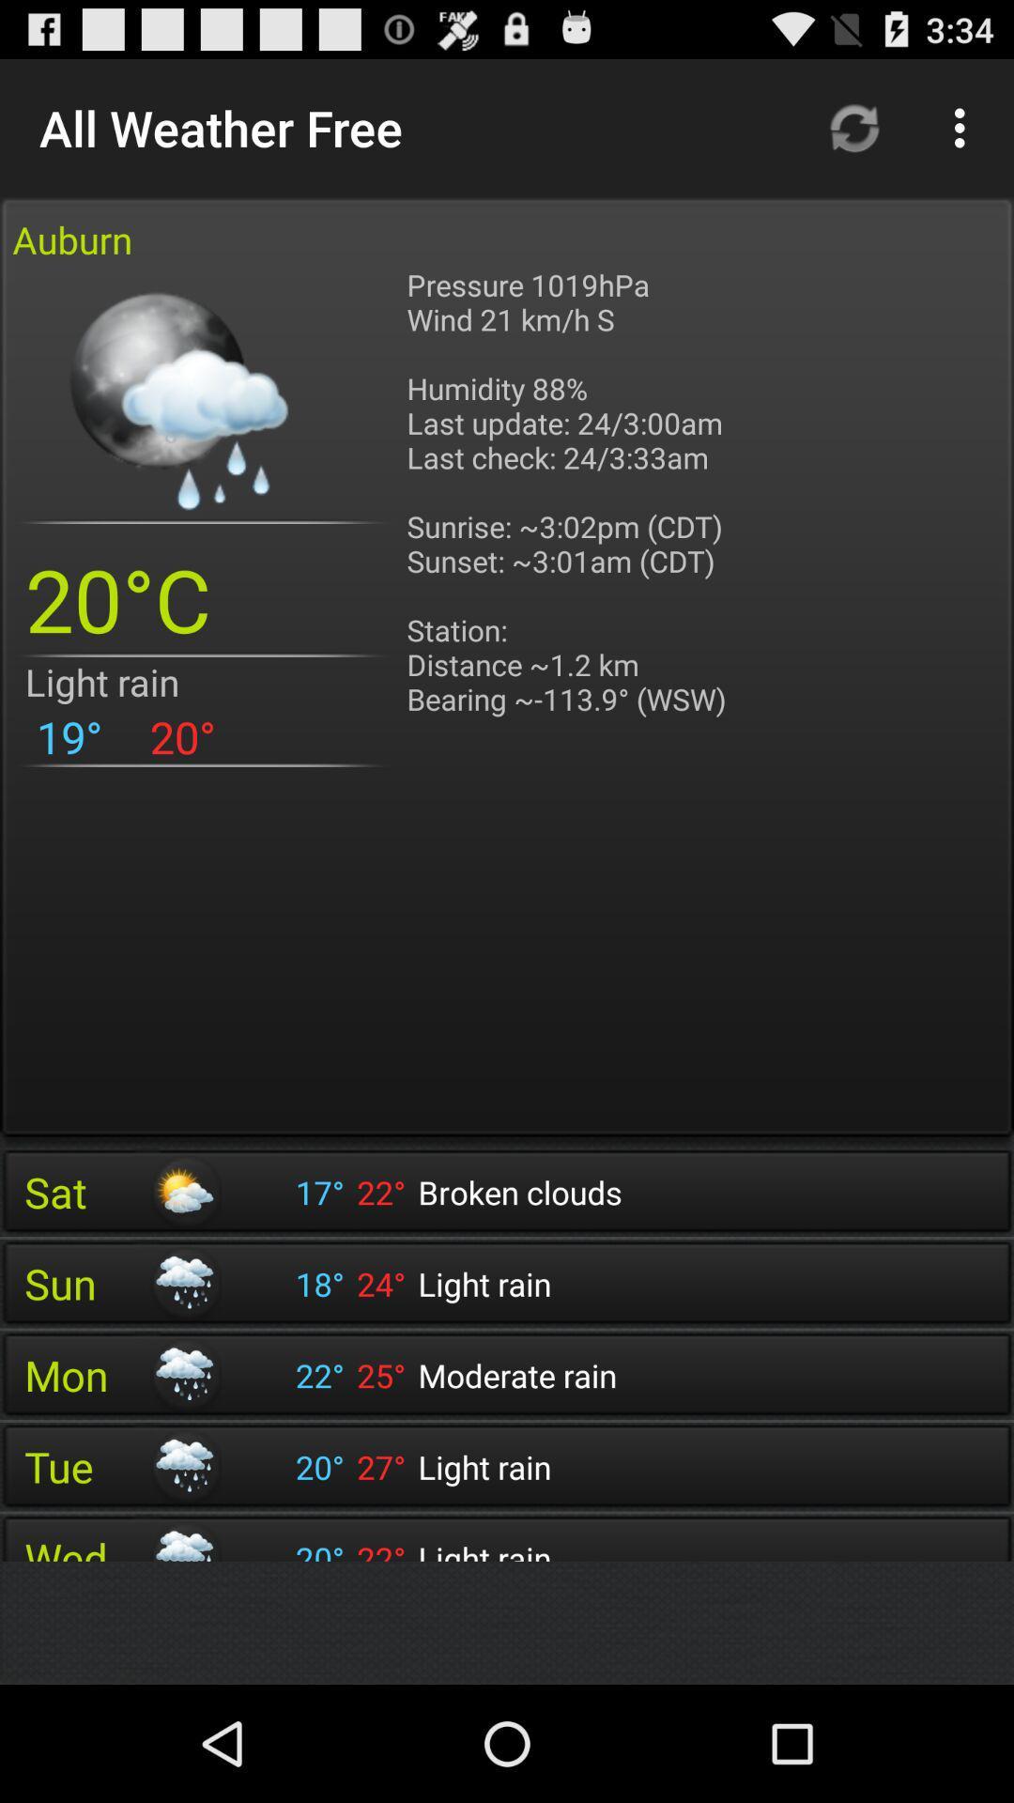 This screenshot has height=1803, width=1014. Describe the element at coordinates (184, 1375) in the screenshot. I see `the icon next to mon` at that location.